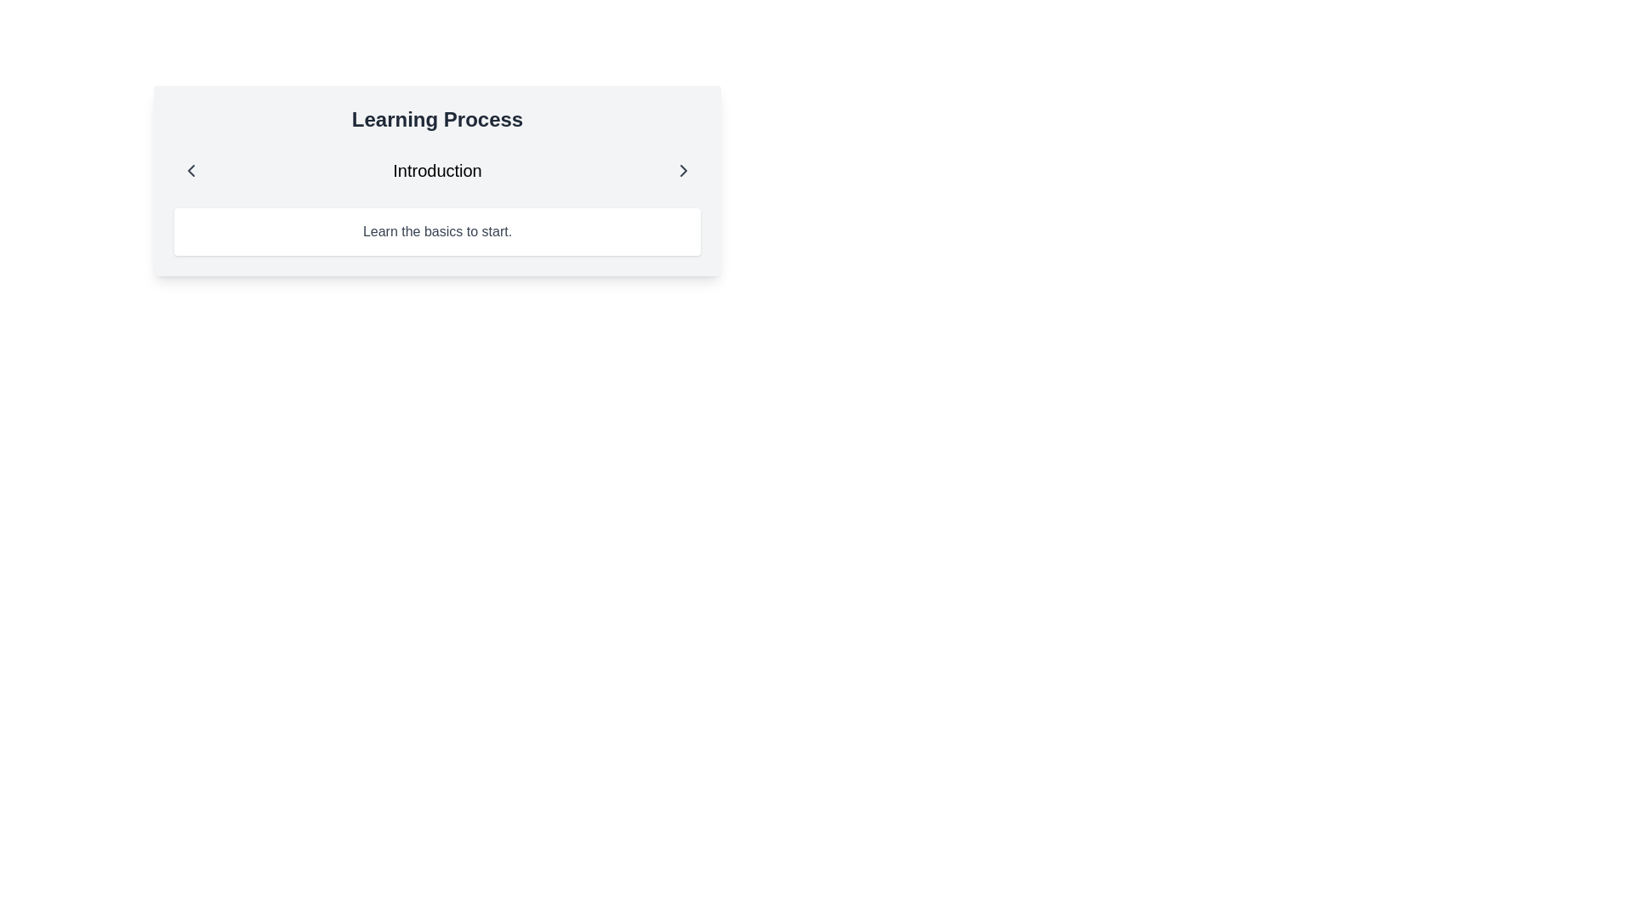  What do you see at coordinates (437, 170) in the screenshot?
I see `the 'Introduction' text label` at bounding box center [437, 170].